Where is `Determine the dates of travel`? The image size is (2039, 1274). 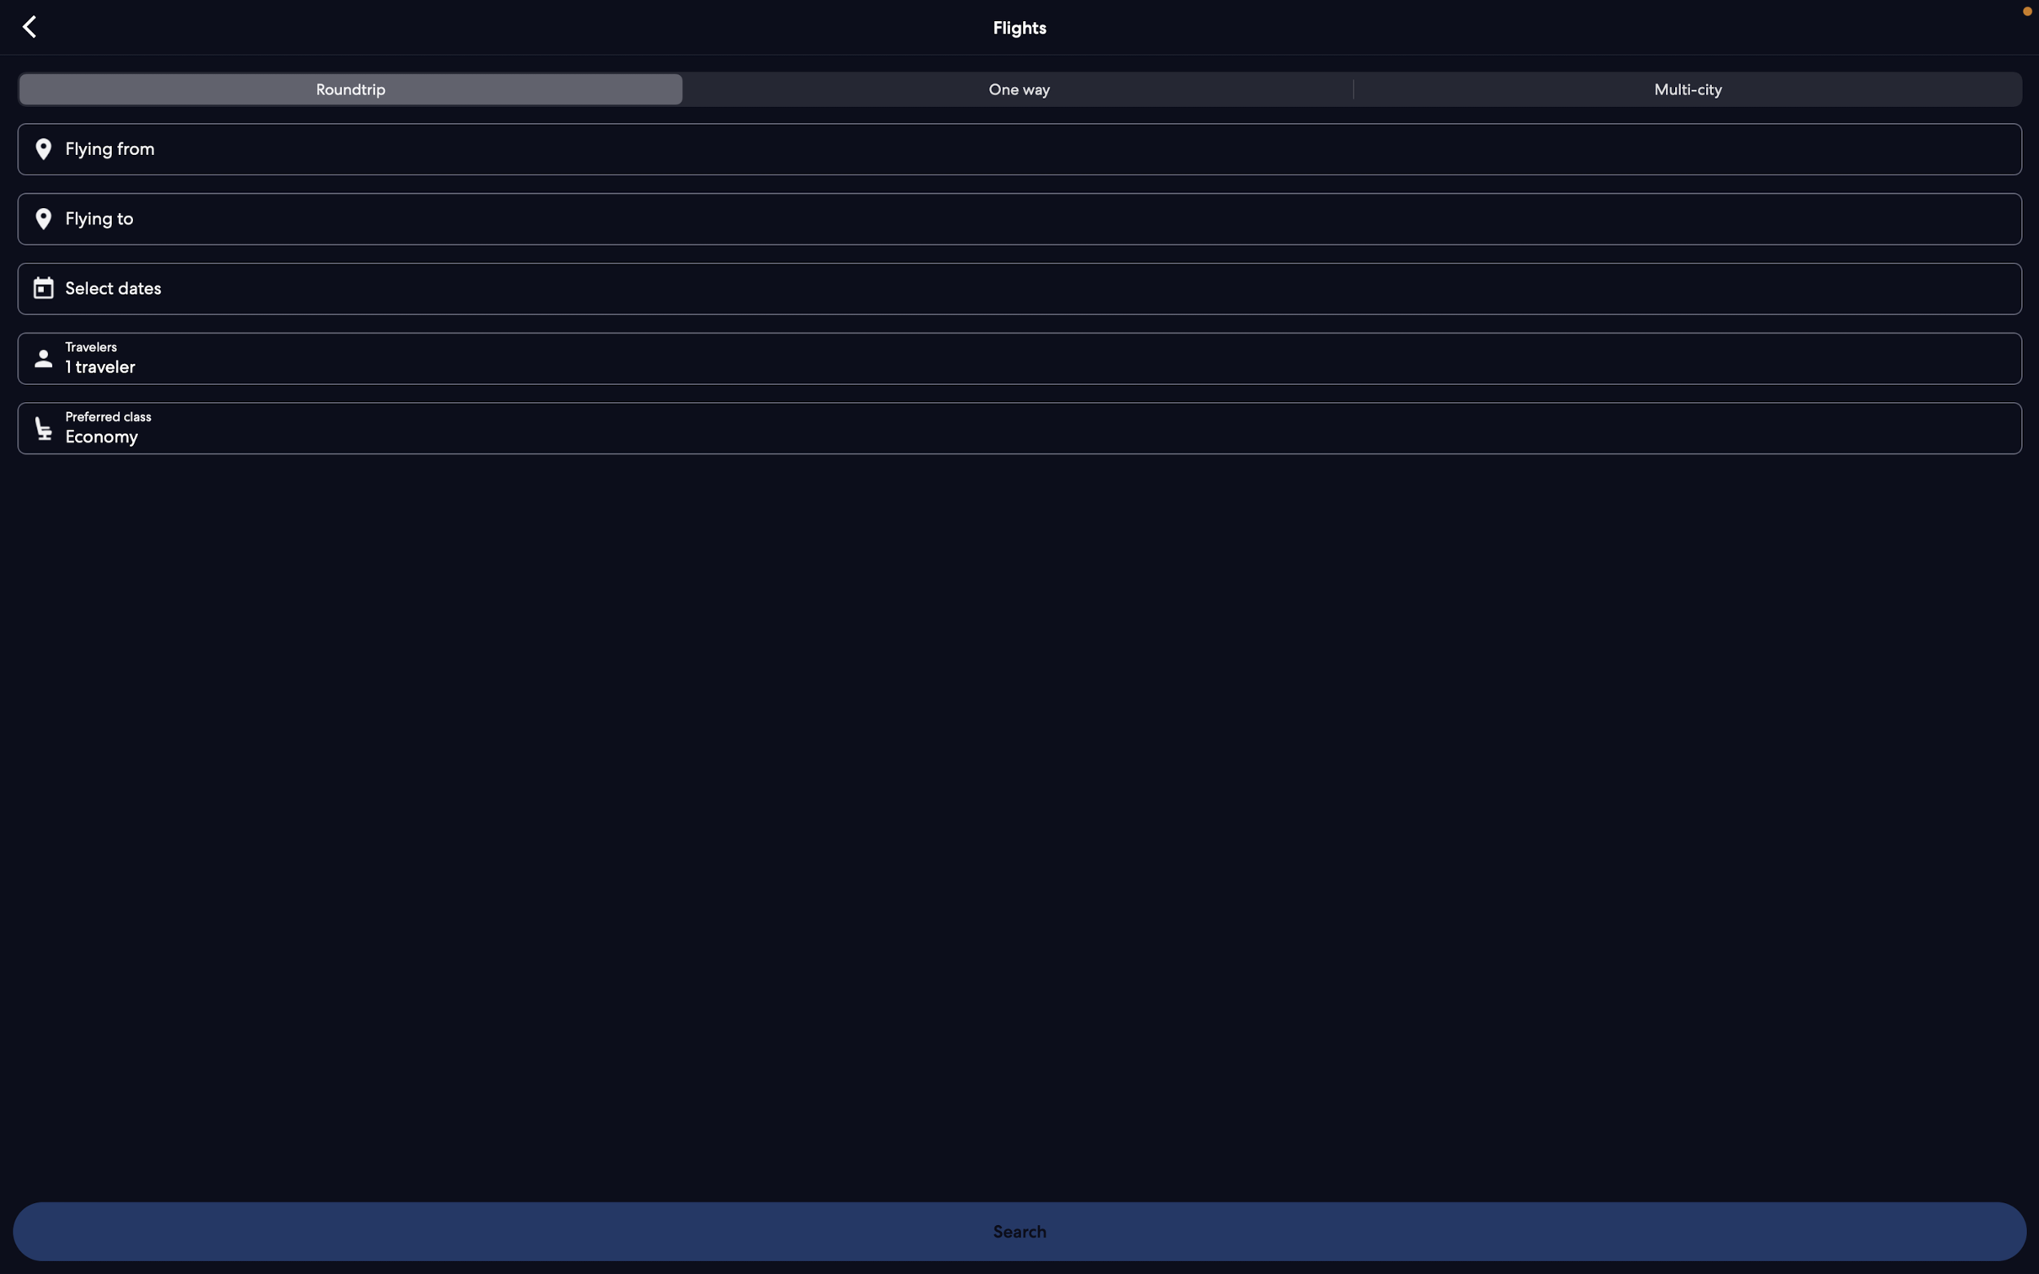
Determine the dates of travel is located at coordinates (1025, 286).